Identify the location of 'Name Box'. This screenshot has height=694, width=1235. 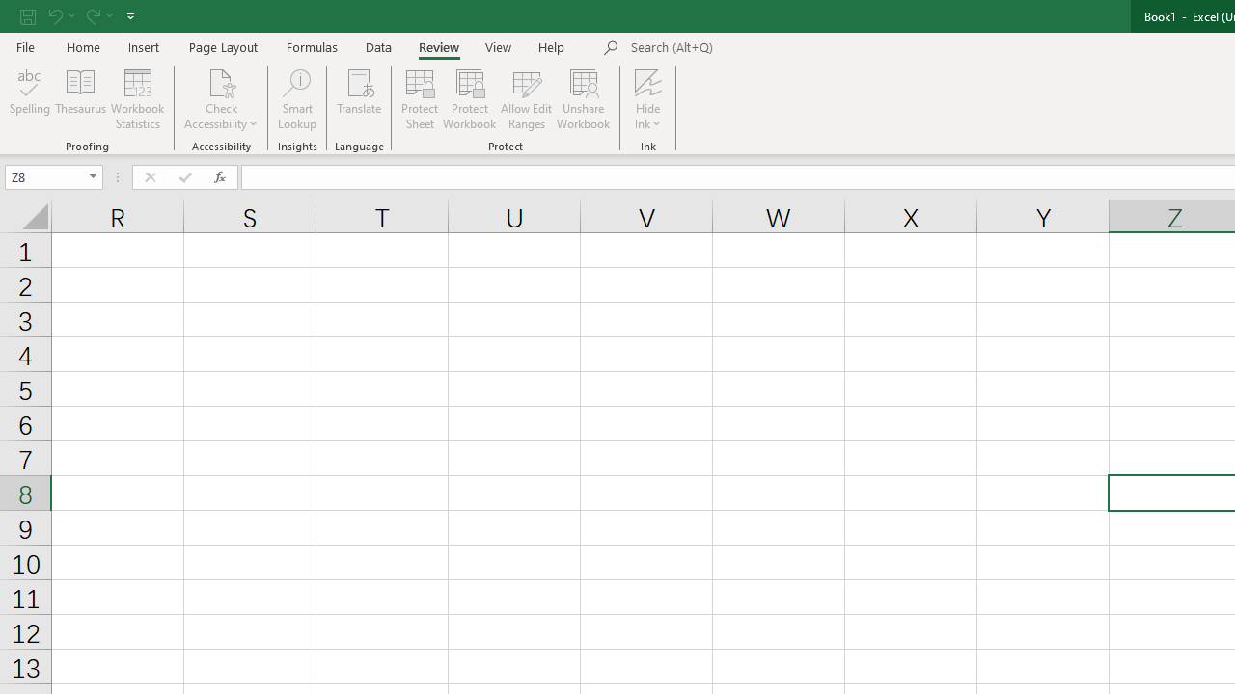
(45, 176).